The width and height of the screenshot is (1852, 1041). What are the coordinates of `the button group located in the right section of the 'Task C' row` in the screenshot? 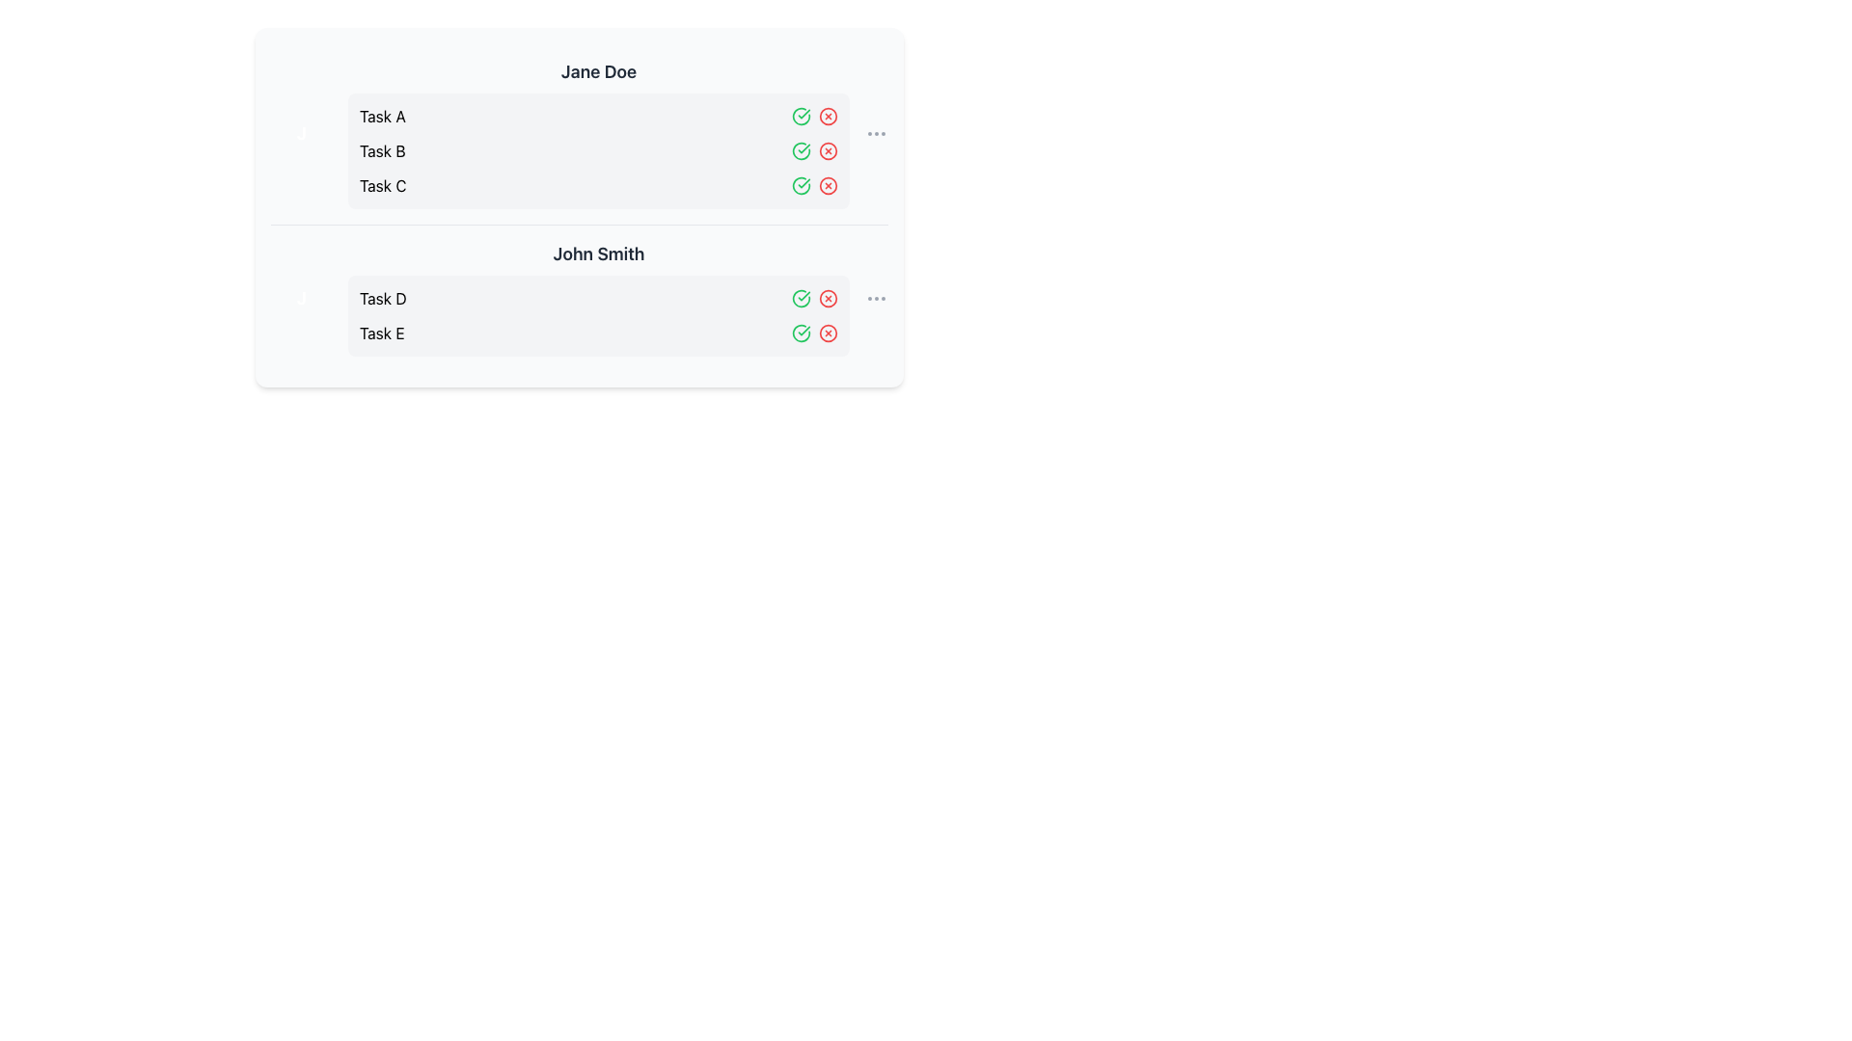 It's located at (814, 185).